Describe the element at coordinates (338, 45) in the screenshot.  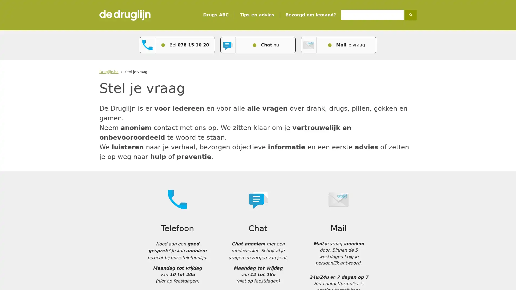
I see `Mail je vraag` at that location.